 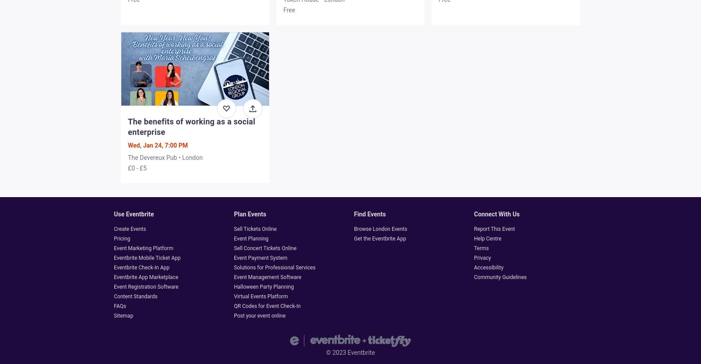 I want to click on 'Sell Tickets Online', so click(x=255, y=229).